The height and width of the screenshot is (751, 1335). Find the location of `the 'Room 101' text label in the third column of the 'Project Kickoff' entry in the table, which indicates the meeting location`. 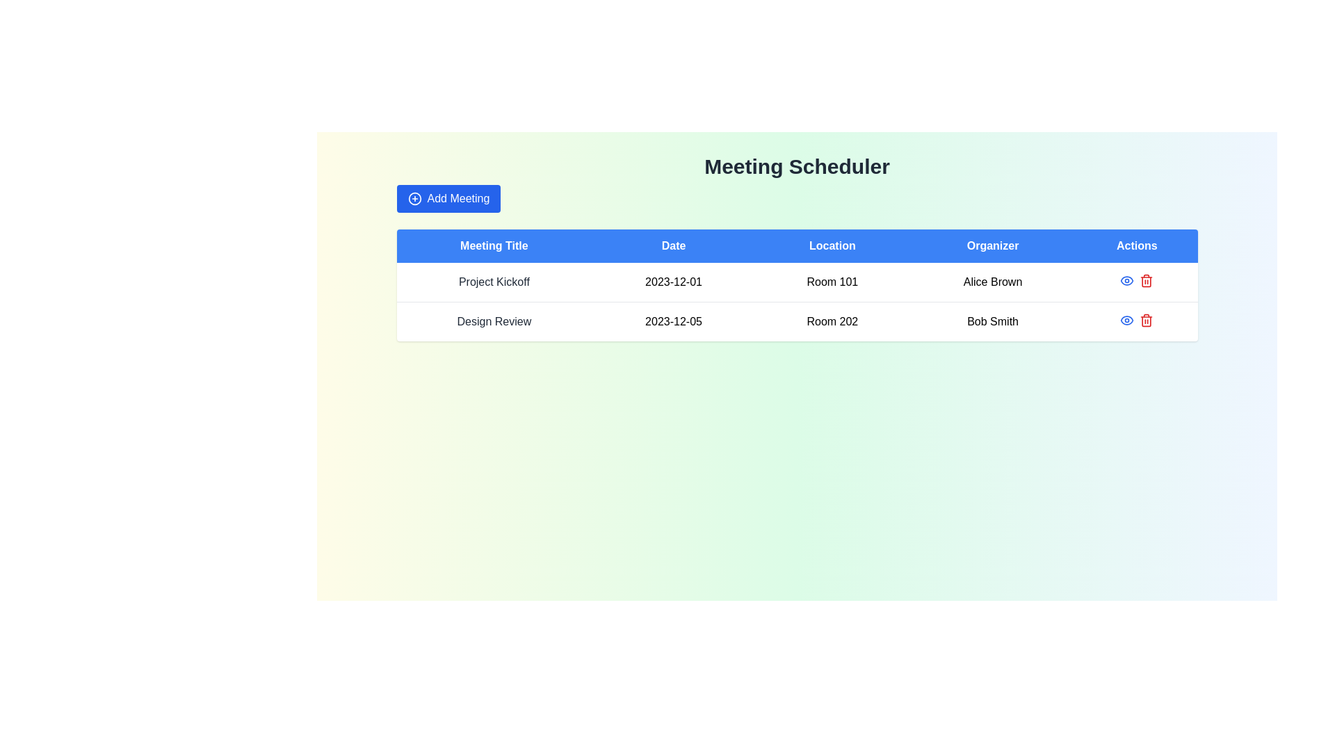

the 'Room 101' text label in the third column of the 'Project Kickoff' entry in the table, which indicates the meeting location is located at coordinates (832, 282).